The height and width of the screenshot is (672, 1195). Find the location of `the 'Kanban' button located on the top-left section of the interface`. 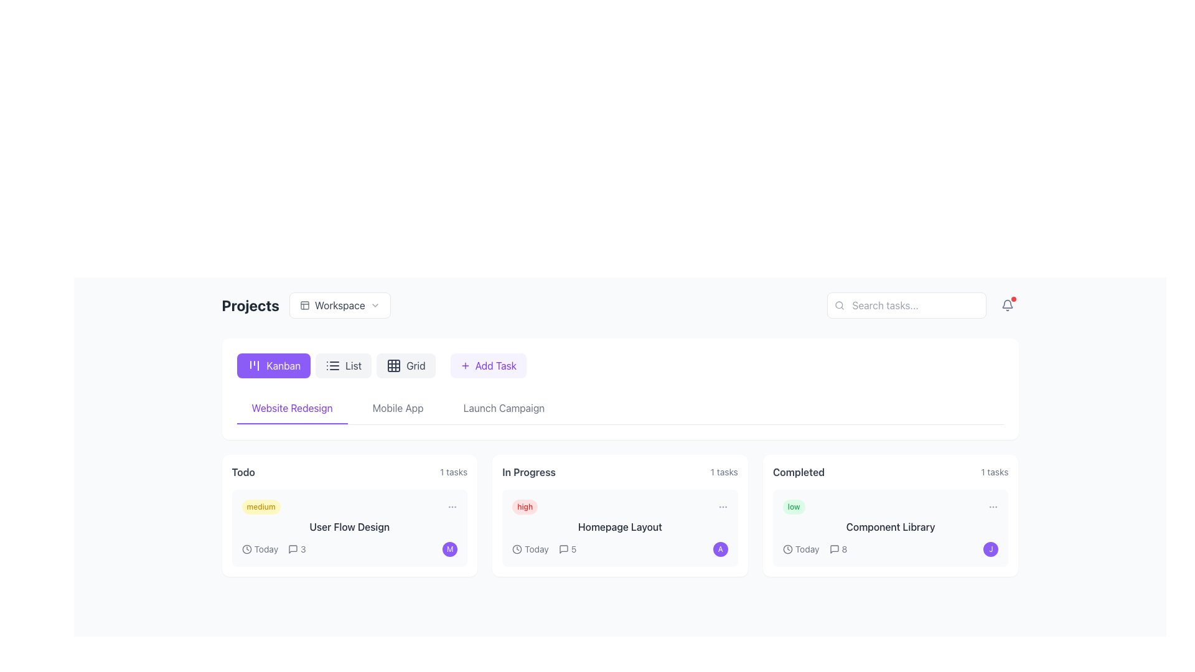

the 'Kanban' button located on the top-left section of the interface is located at coordinates (283, 365).